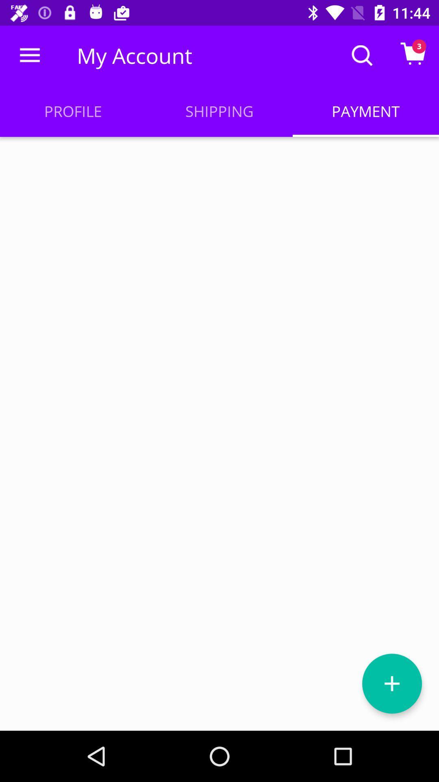 The width and height of the screenshot is (439, 782). I want to click on payment option, so click(391, 683).